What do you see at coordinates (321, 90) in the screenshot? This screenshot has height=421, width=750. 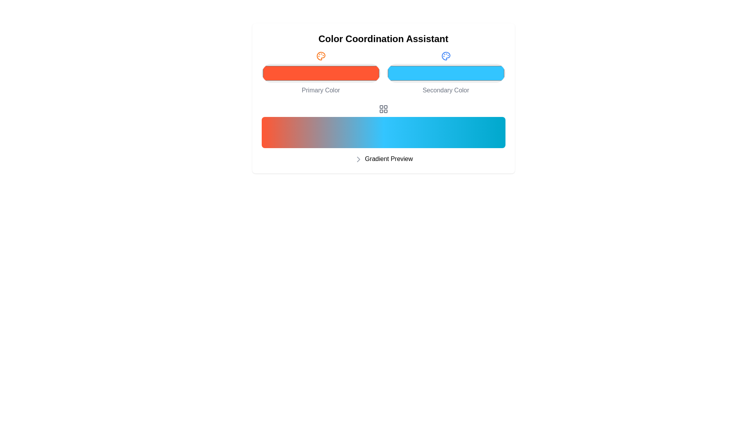 I see `the text label indicating 'Primary Color', which is located centrally below the orange color rectangle` at bounding box center [321, 90].